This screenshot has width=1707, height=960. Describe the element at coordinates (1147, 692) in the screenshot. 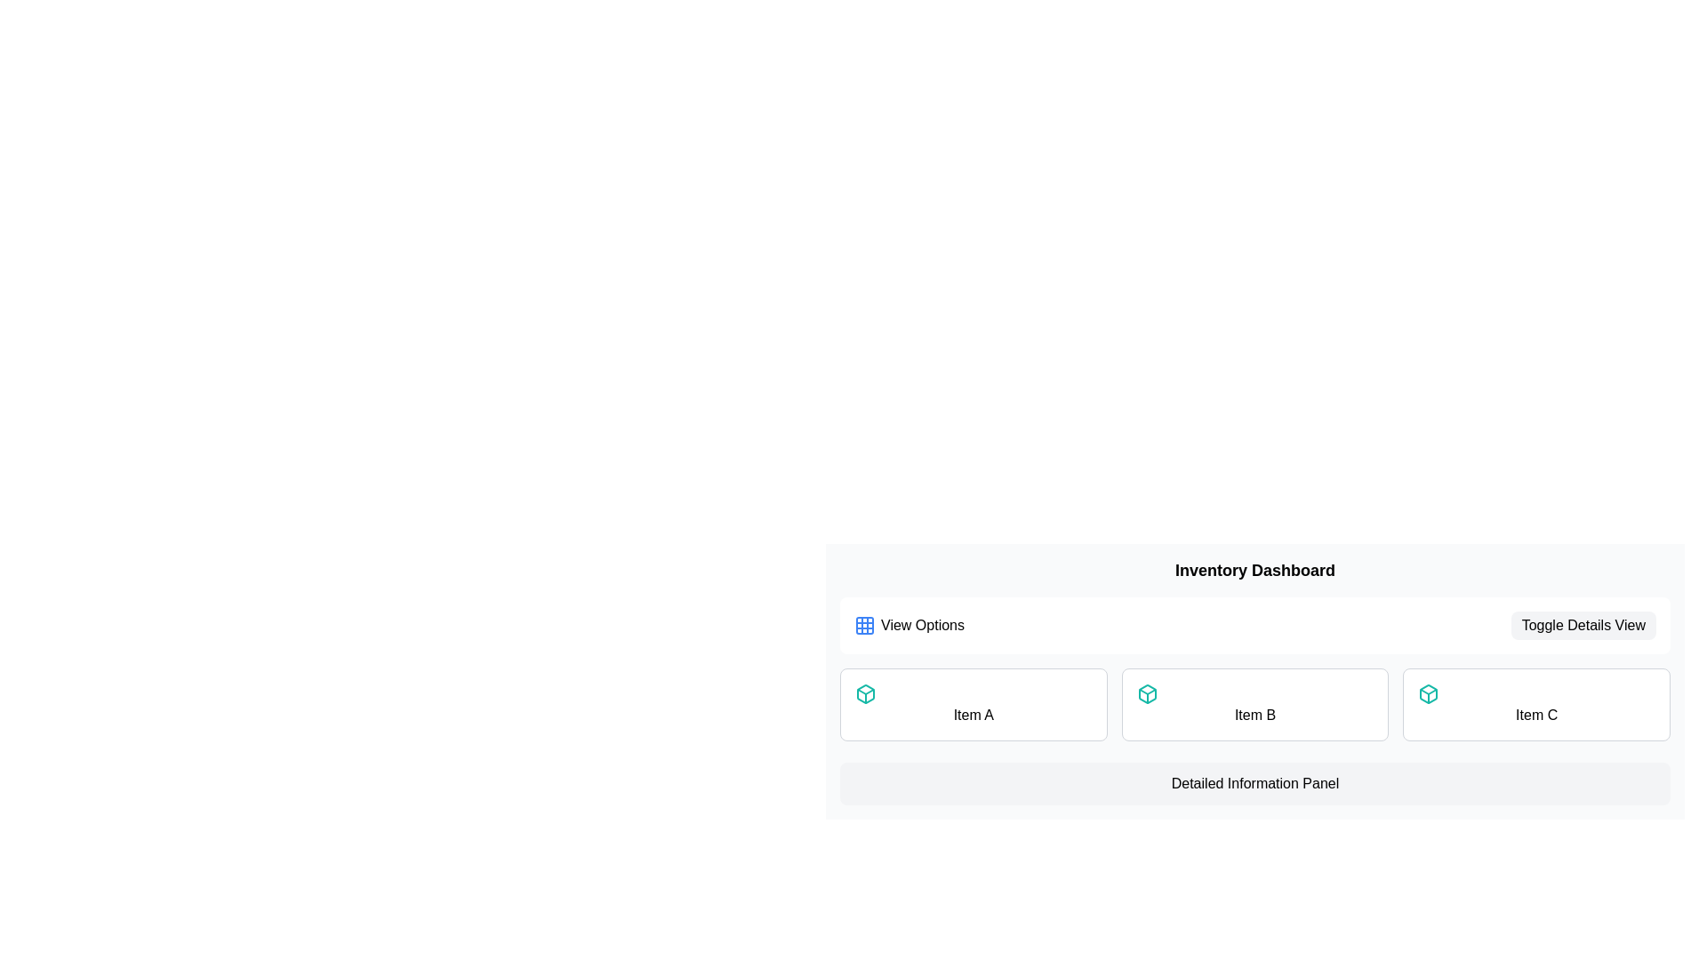

I see `the teal-colored icon resembling a box or cube located above the 'Item B' label` at that location.